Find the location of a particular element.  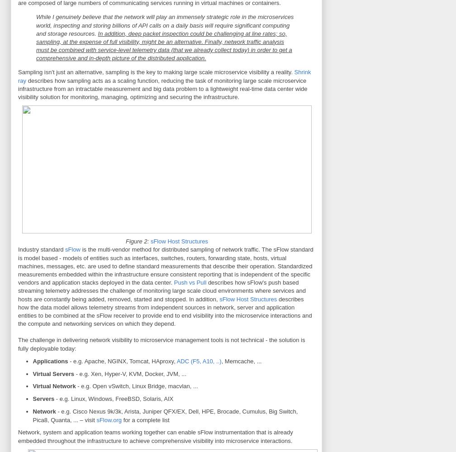

'The challenge in delivering network visibility to microservice management tools is not technical - the solution is fully deployable today:' is located at coordinates (161, 343).